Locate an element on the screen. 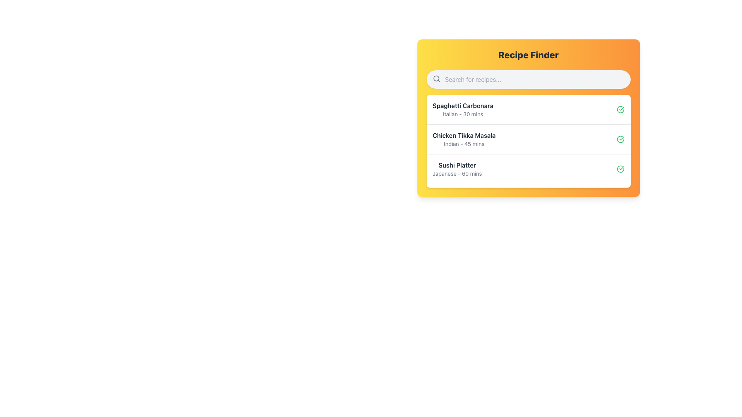  the text 'Spaghetti Carbonara', which is styled in bold dark gray and is the title of the first recipe item in the list below the search bar in the 'Recipe Finder' section is located at coordinates (463, 105).